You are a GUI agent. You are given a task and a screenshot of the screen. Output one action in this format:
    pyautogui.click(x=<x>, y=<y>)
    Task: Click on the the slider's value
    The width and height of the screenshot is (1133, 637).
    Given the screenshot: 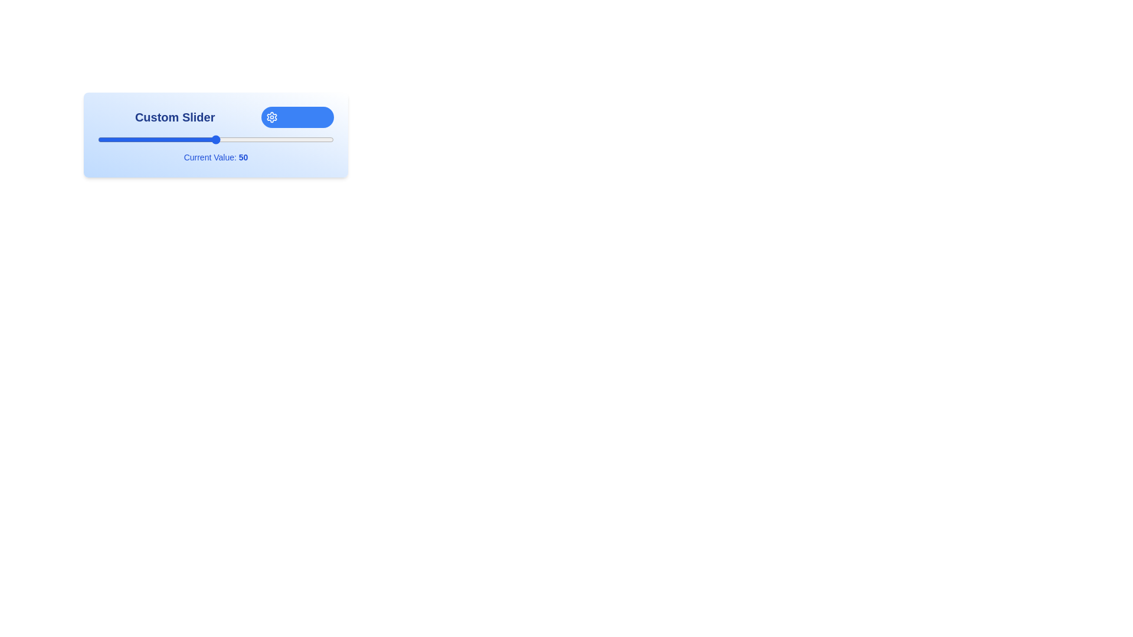 What is the action you would take?
    pyautogui.click(x=267, y=139)
    